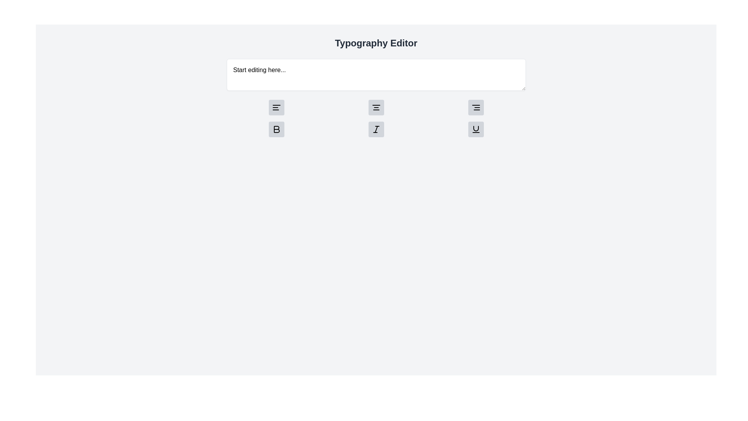 The height and width of the screenshot is (421, 748). I want to click on the 'Bold' format toggler icon button located in the lower-left area of the grid of text formatting controls, so click(276, 129).